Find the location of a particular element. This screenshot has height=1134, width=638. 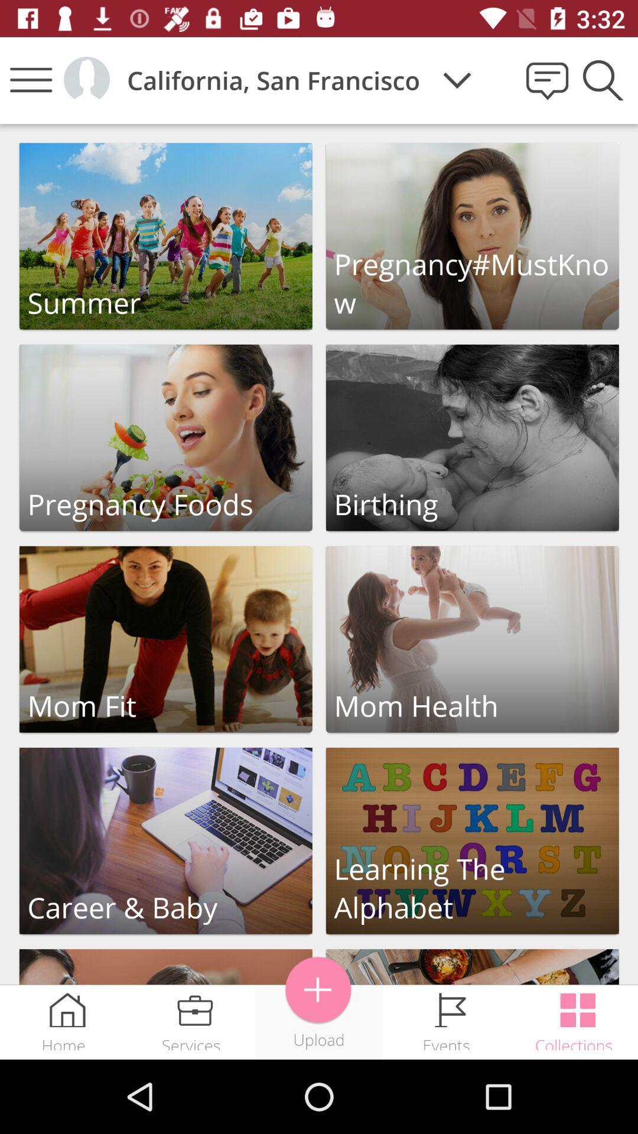

item to the right of the services is located at coordinates (318, 990).